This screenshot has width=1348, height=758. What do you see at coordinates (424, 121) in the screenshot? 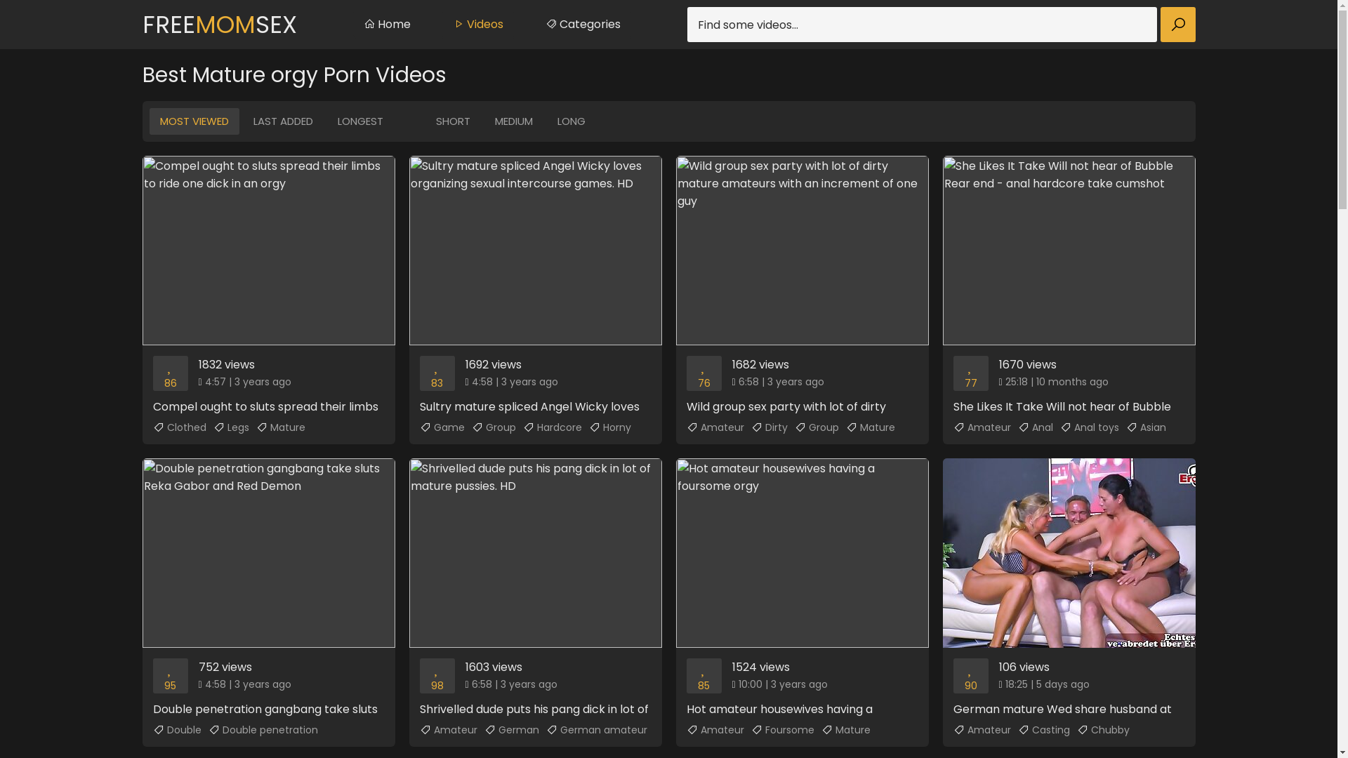
I see `'SHORT'` at bounding box center [424, 121].